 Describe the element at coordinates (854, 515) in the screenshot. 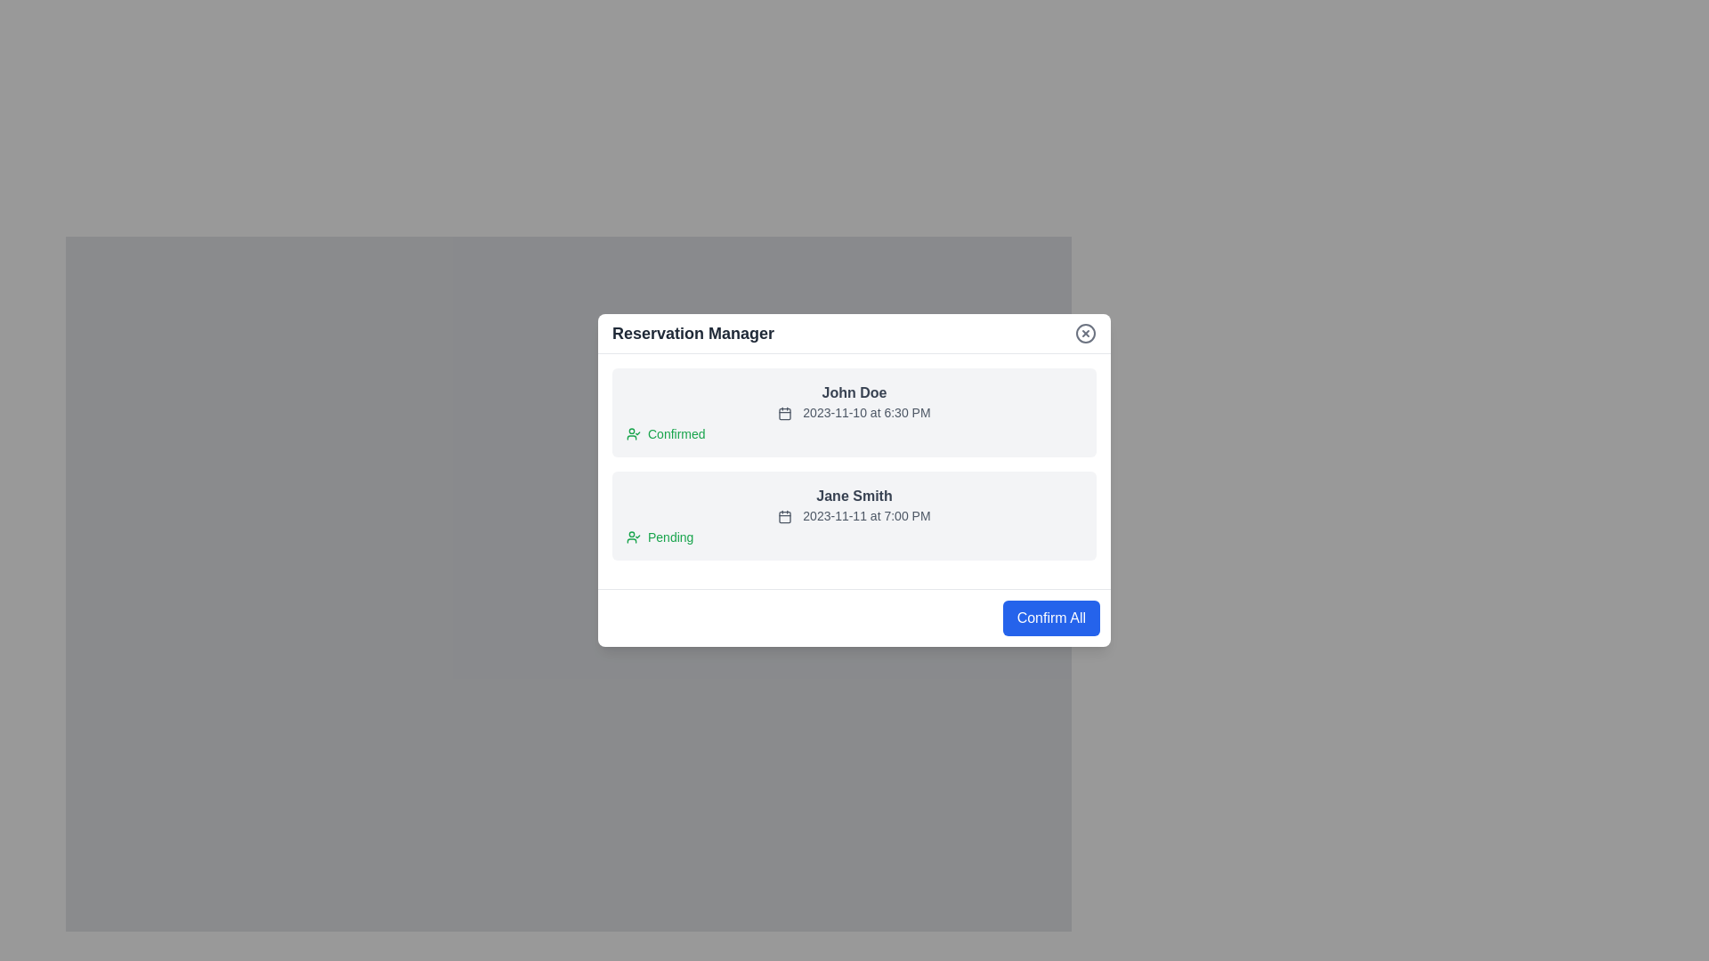

I see `the reservation detail card for Jane Smith, which is the second card beneath the card titled 'John Doe' in a modal window` at that location.